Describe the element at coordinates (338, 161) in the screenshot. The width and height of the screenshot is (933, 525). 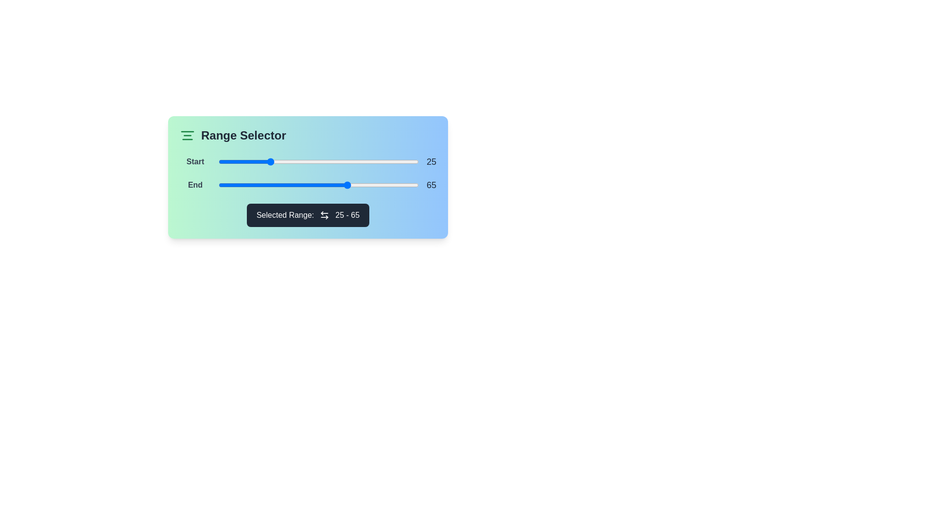
I see `the slider to set the value to 60` at that location.